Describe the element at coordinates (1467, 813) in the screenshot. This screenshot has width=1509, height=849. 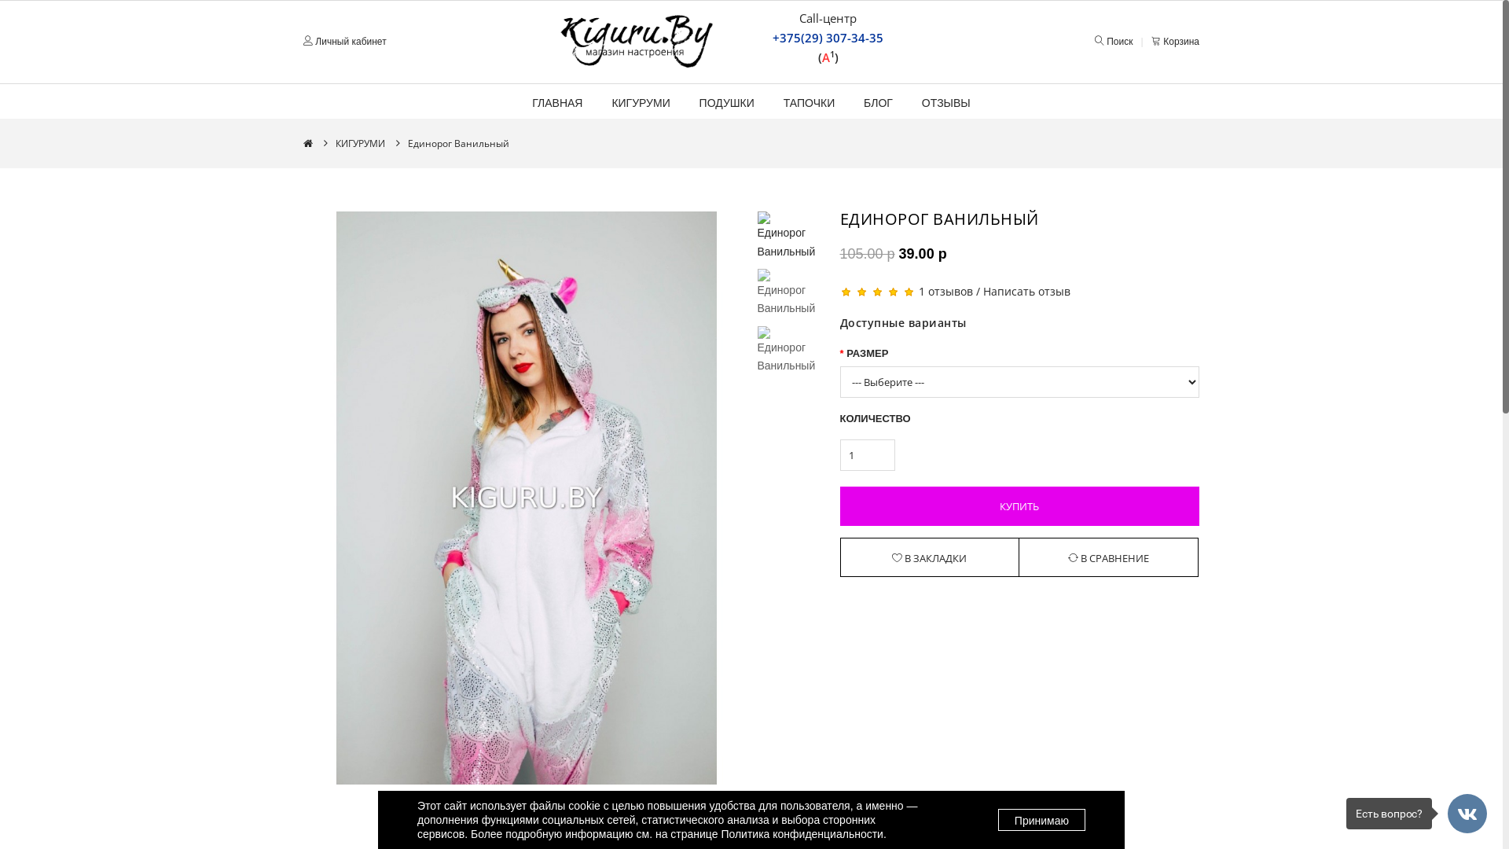
I see `'Back To Top'` at that location.